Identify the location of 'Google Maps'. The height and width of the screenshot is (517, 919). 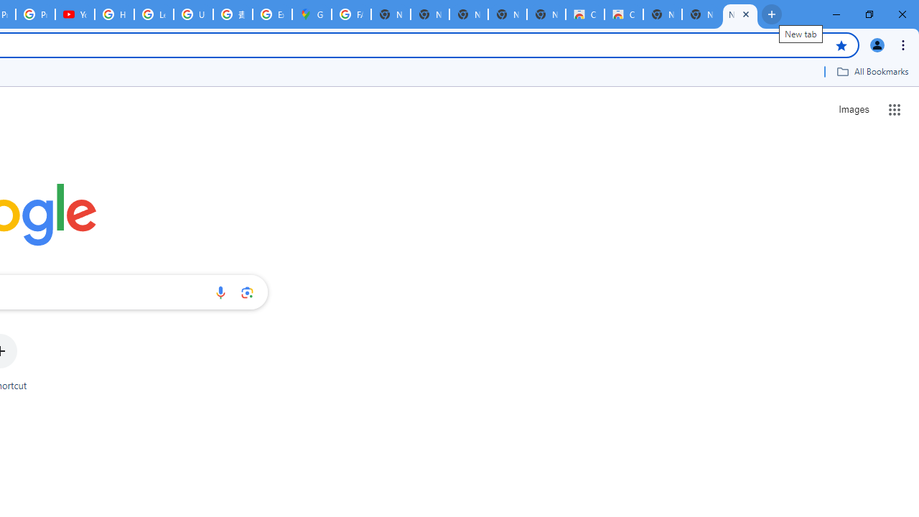
(311, 14).